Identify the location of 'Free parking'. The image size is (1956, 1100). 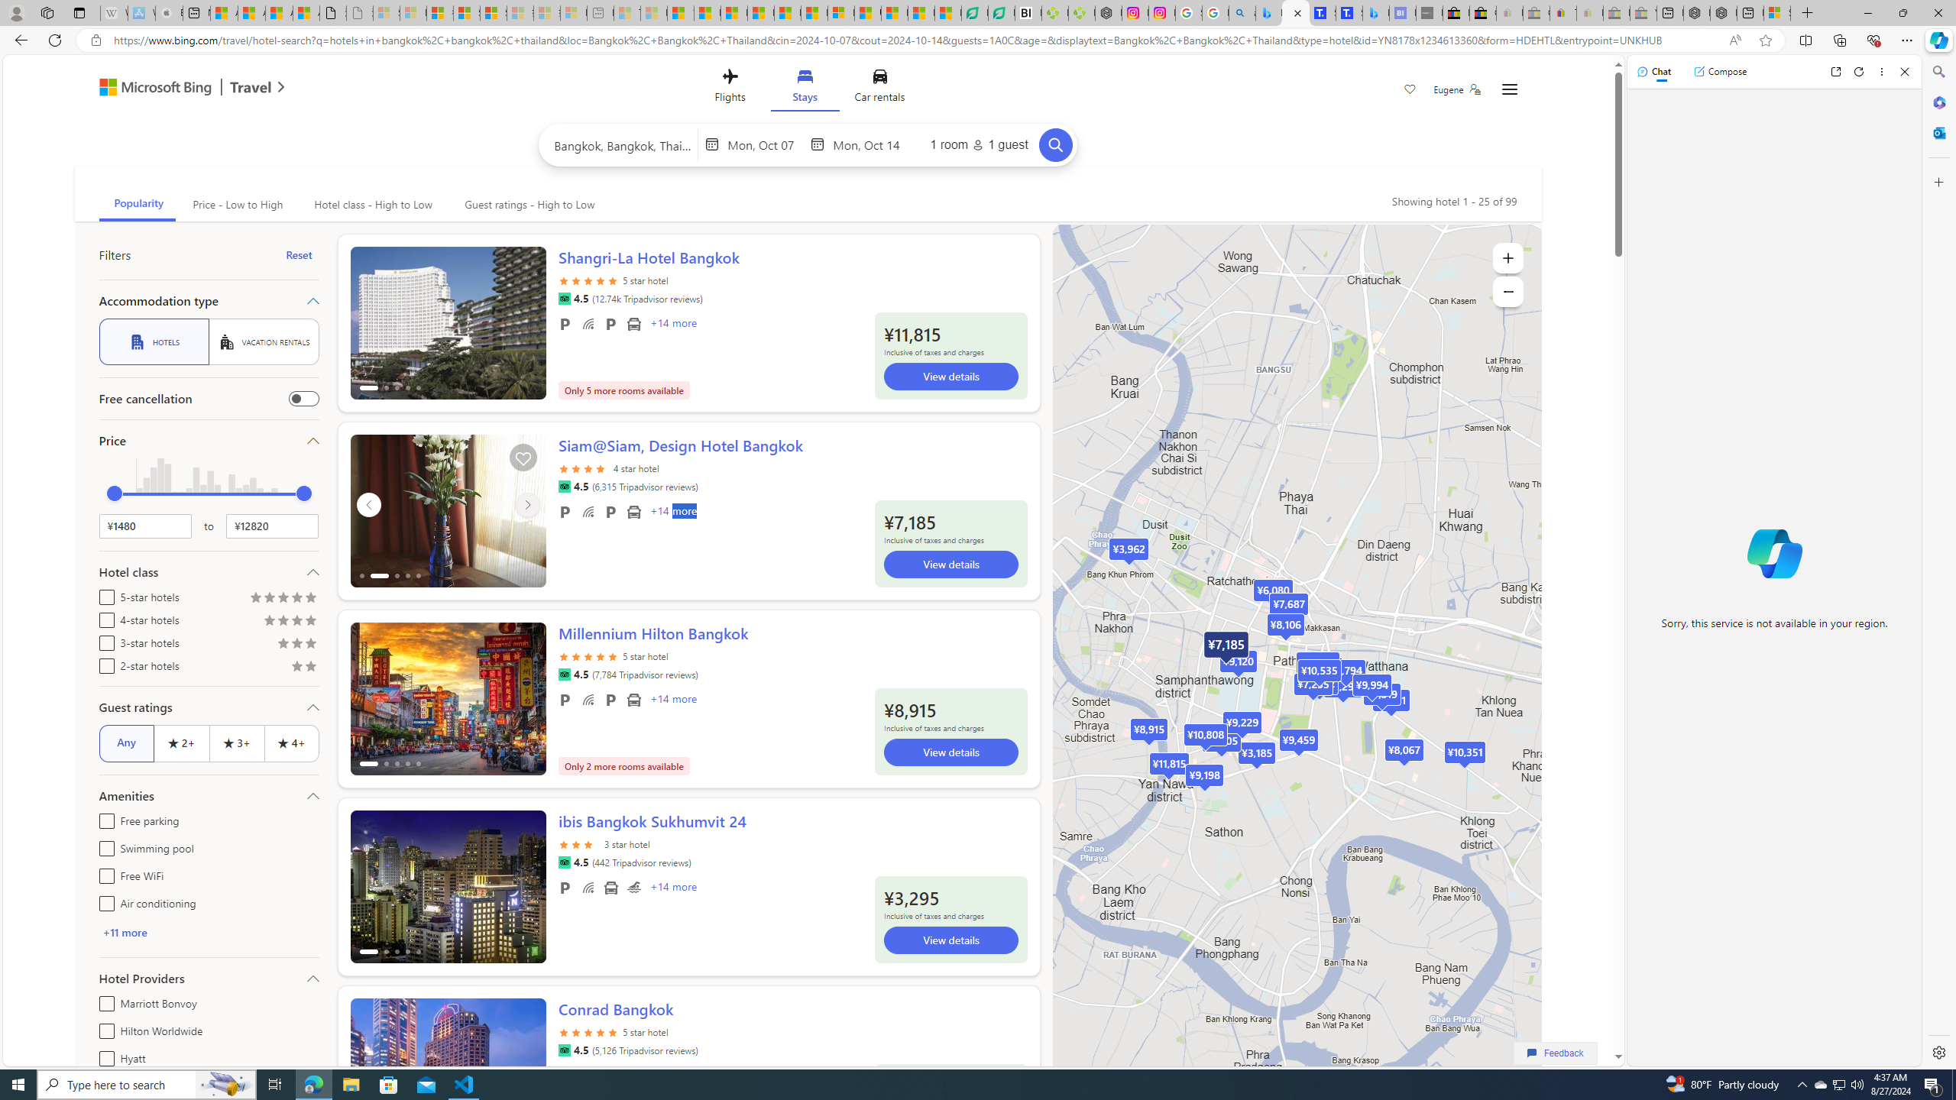
(102, 819).